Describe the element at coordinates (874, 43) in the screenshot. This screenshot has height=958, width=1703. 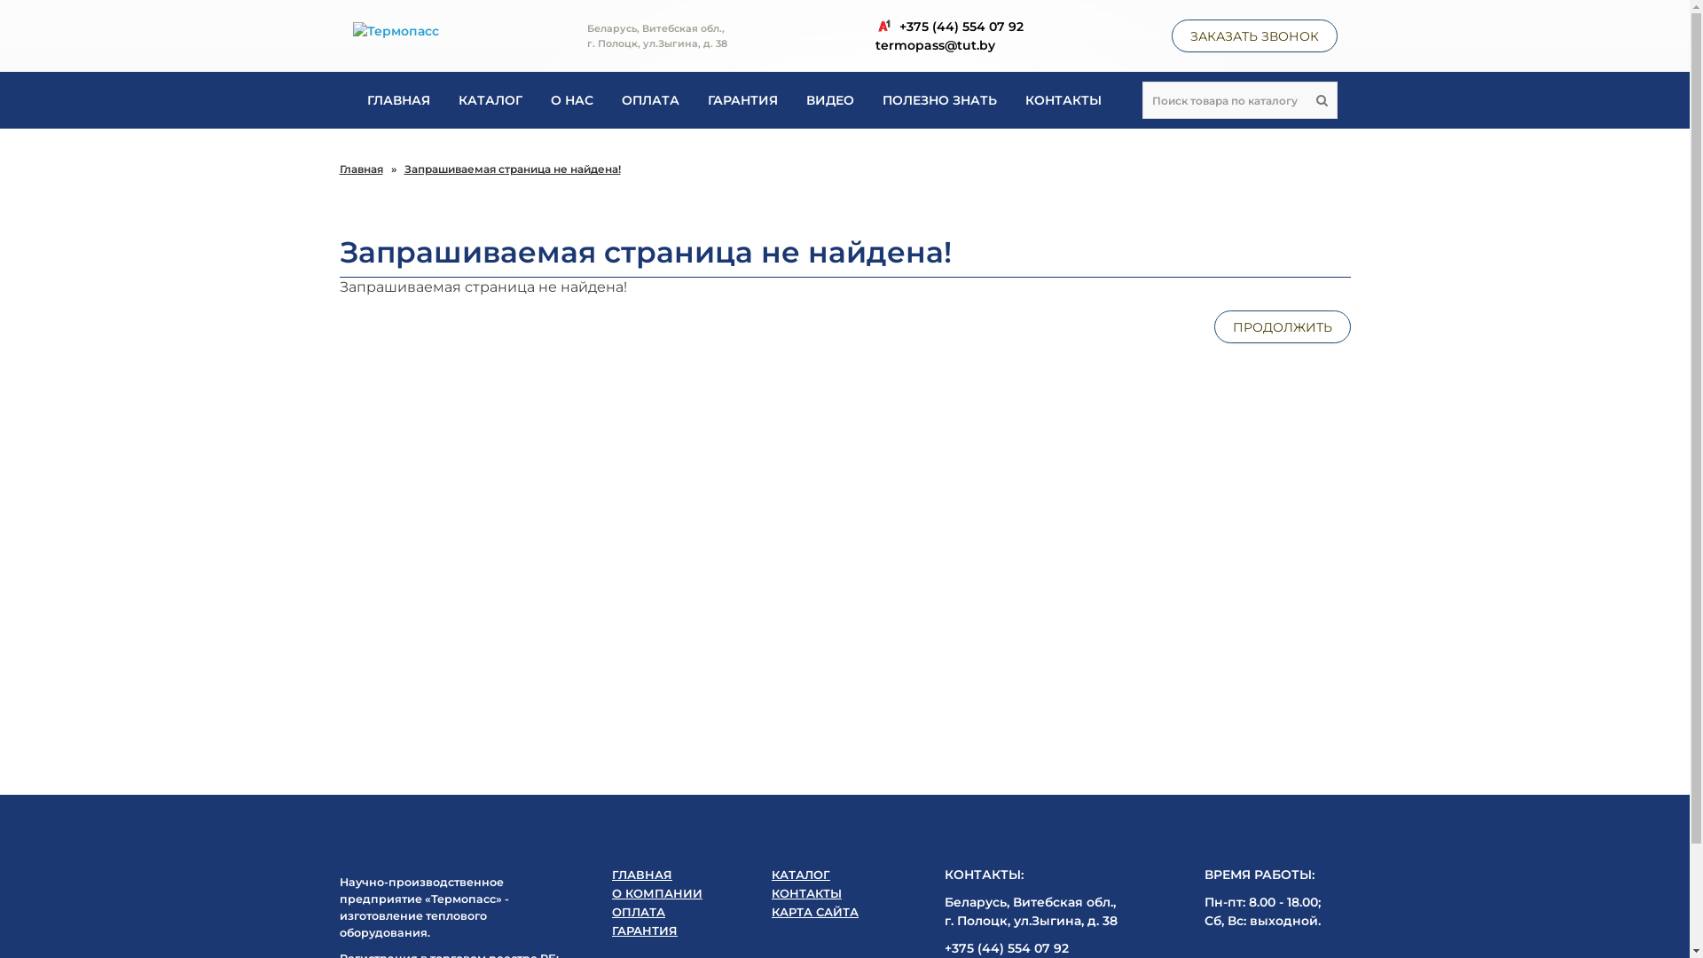
I see `'termopass@tut.by'` at that location.